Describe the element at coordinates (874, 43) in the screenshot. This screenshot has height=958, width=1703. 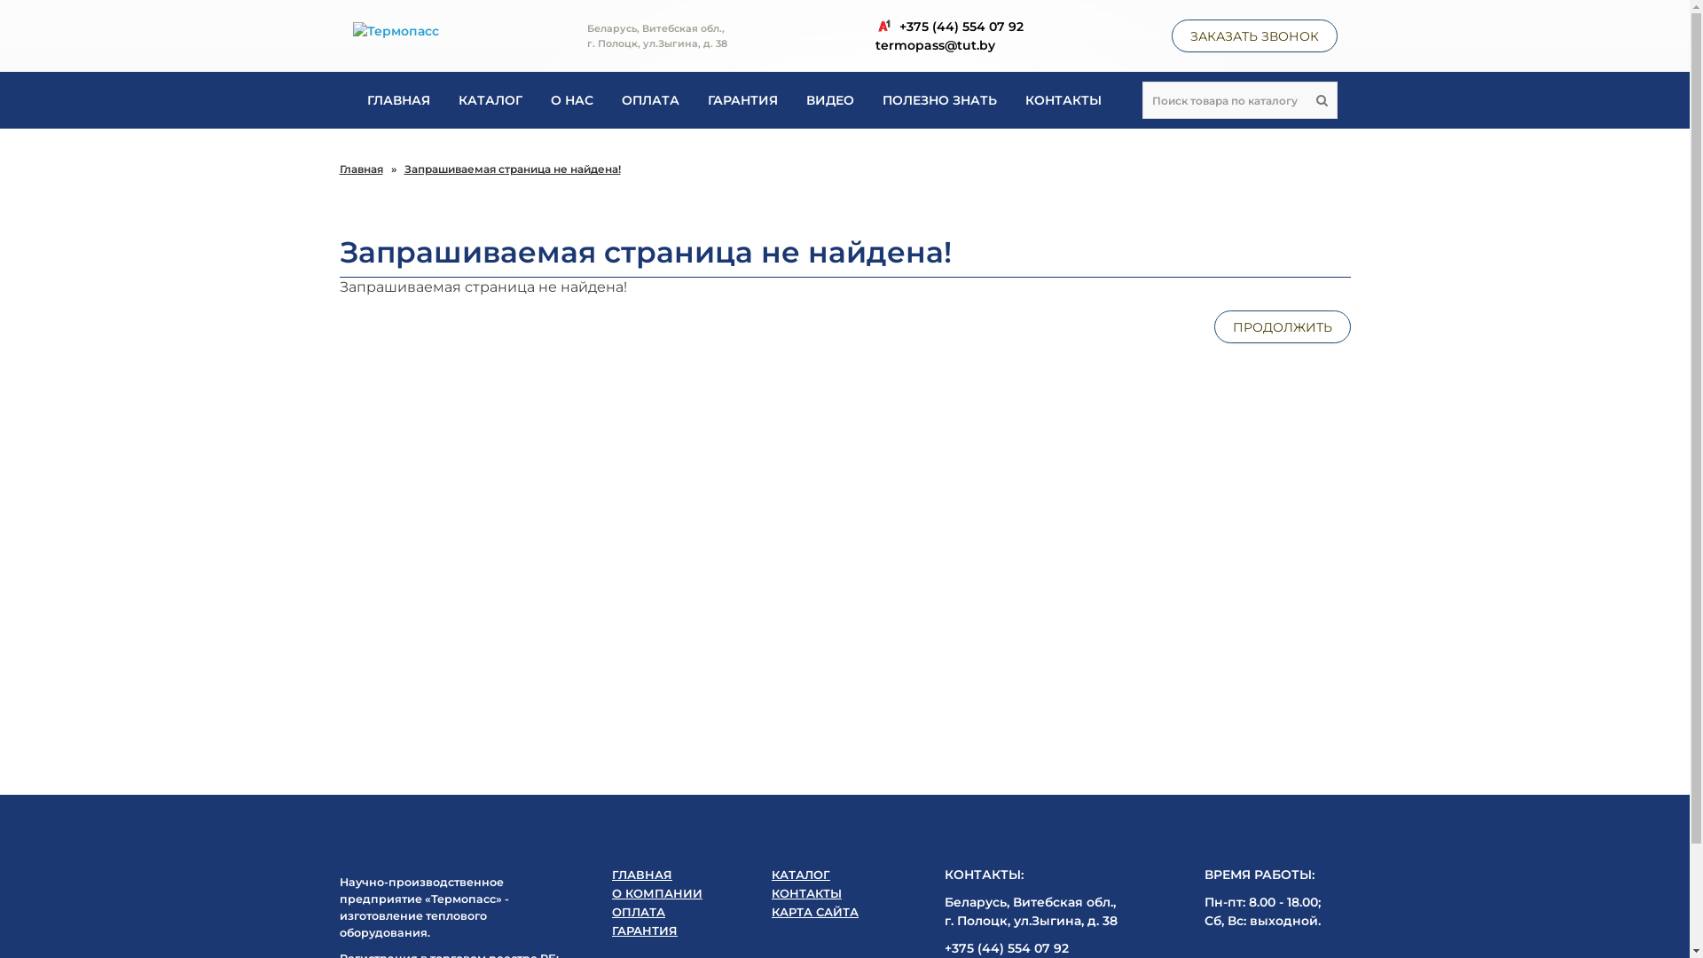
I see `'termopass@tut.by'` at that location.